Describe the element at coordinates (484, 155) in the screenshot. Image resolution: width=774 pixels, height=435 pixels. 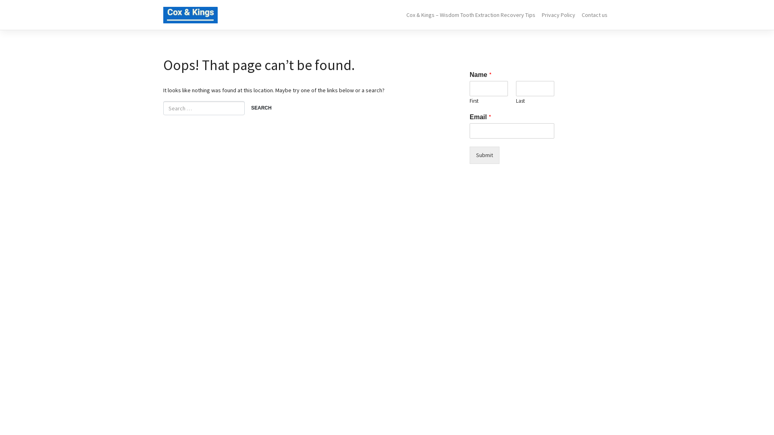
I see `'Submit'` at that location.